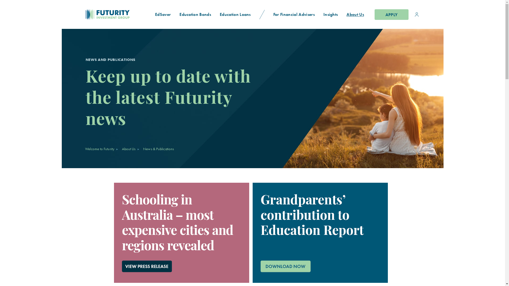 The height and width of the screenshot is (286, 509). What do you see at coordinates (235, 14) in the screenshot?
I see `'Education Loans'` at bounding box center [235, 14].